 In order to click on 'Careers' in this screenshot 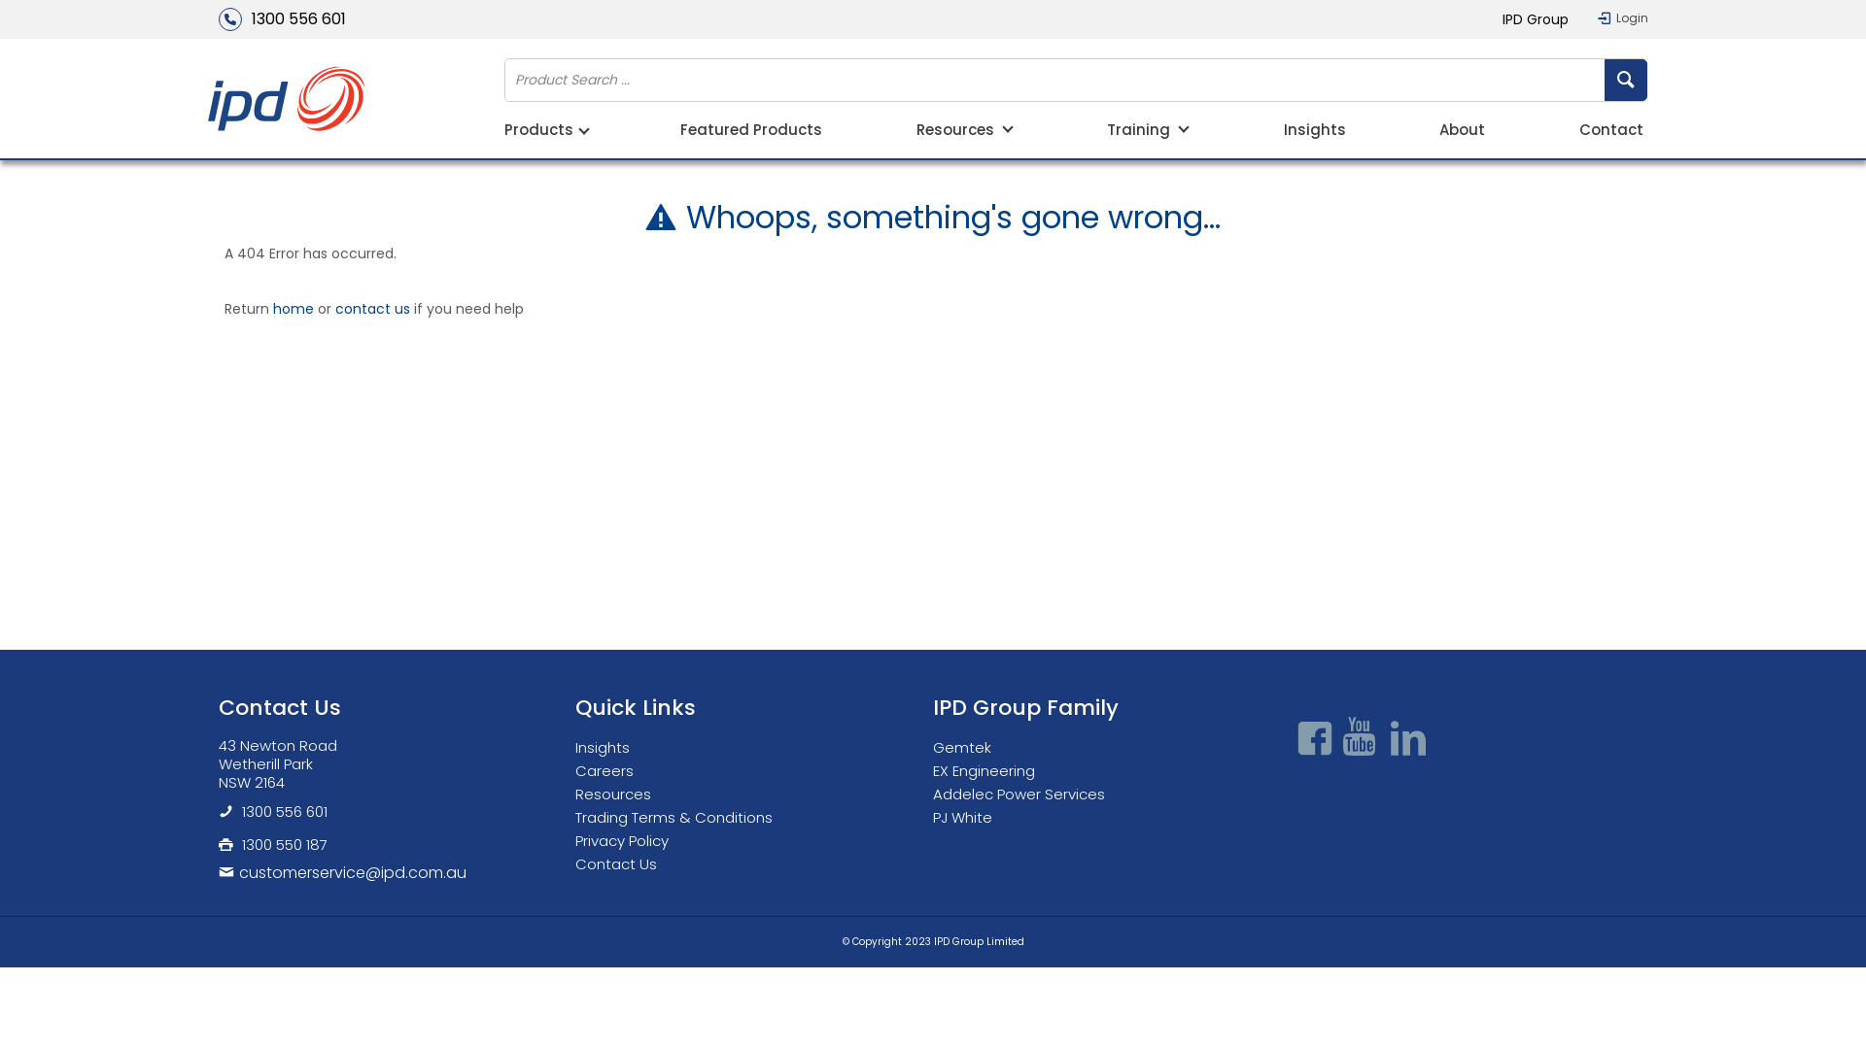, I will do `click(608, 769)`.